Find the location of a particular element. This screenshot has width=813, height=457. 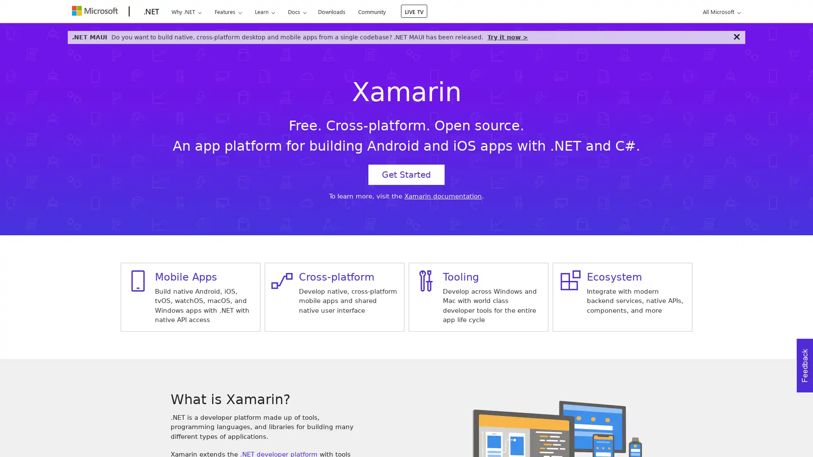

Docs is located at coordinates (297, 11).